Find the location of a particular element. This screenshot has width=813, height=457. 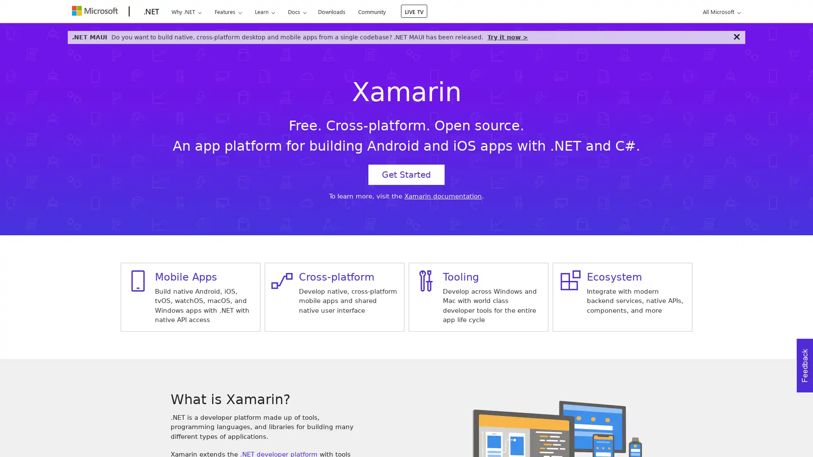

Docs is located at coordinates (297, 11).